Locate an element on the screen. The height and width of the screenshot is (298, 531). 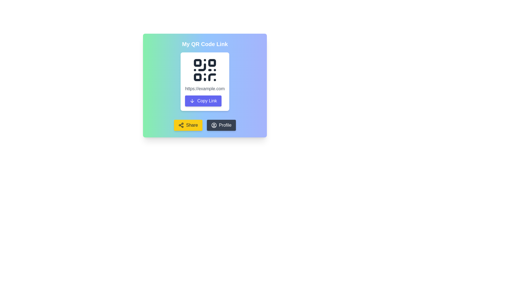
the outermost circular layer of the user profile icon, which is defined as an SVG Circle with a uniform radius and thickness is located at coordinates (214, 125).